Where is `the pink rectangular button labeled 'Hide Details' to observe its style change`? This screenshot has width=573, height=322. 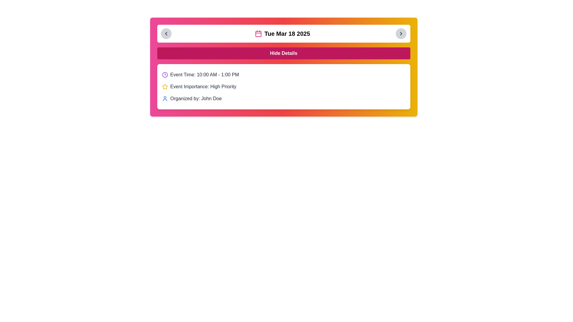
the pink rectangular button labeled 'Hide Details' to observe its style change is located at coordinates (283, 53).